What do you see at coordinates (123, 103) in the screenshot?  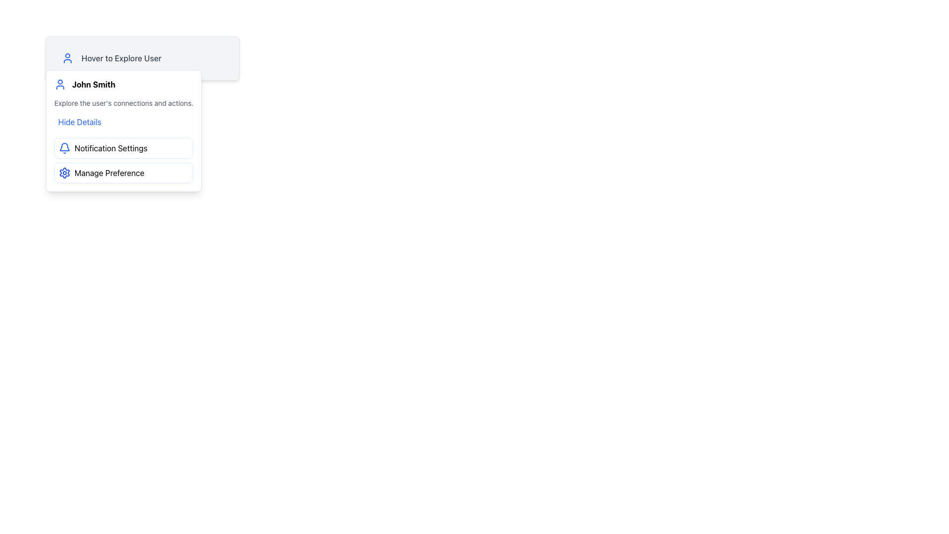 I see `the text label that says 'Explore the user's connections and actions.' located below 'John Smith' in the popup card` at bounding box center [123, 103].